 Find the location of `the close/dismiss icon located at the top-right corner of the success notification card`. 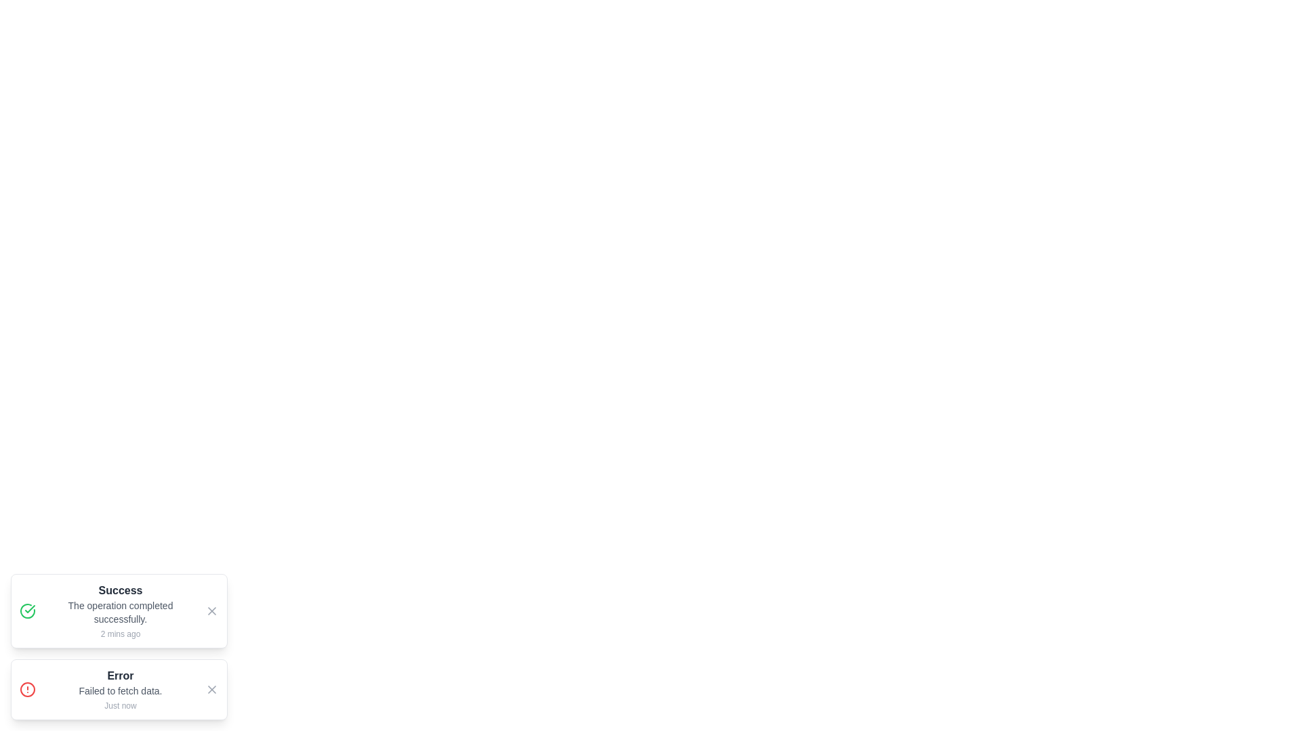

the close/dismiss icon located at the top-right corner of the success notification card is located at coordinates (211, 611).